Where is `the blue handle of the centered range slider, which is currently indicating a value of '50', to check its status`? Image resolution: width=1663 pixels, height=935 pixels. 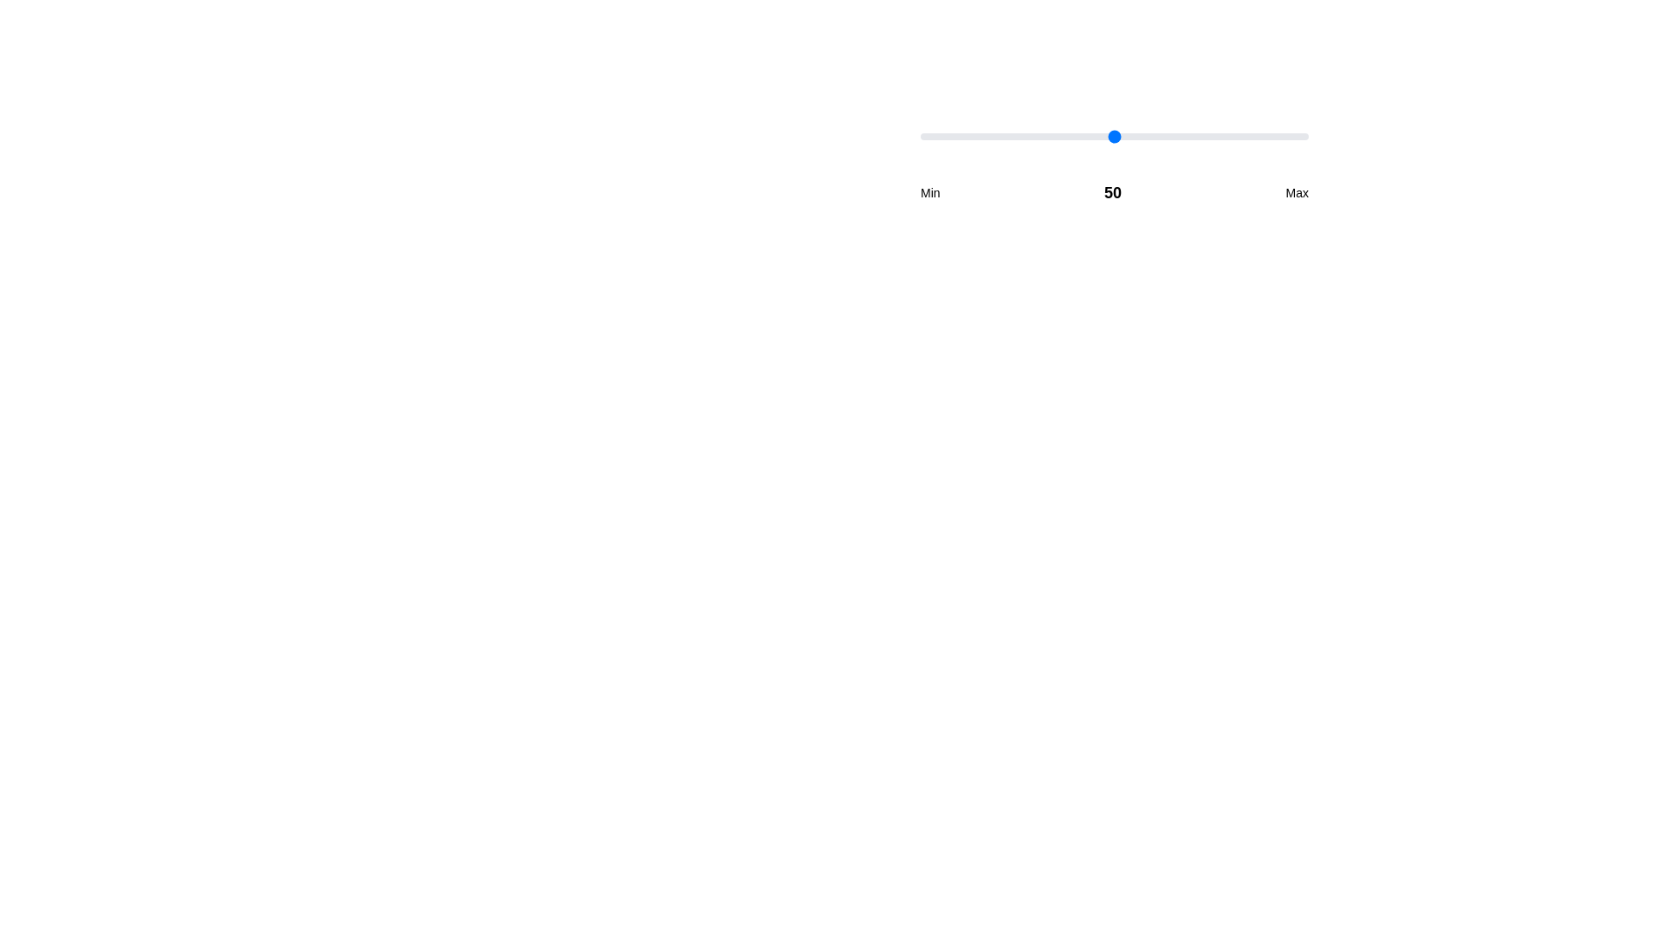
the blue handle of the centered range slider, which is currently indicating a value of '50', to check its status is located at coordinates (1114, 165).